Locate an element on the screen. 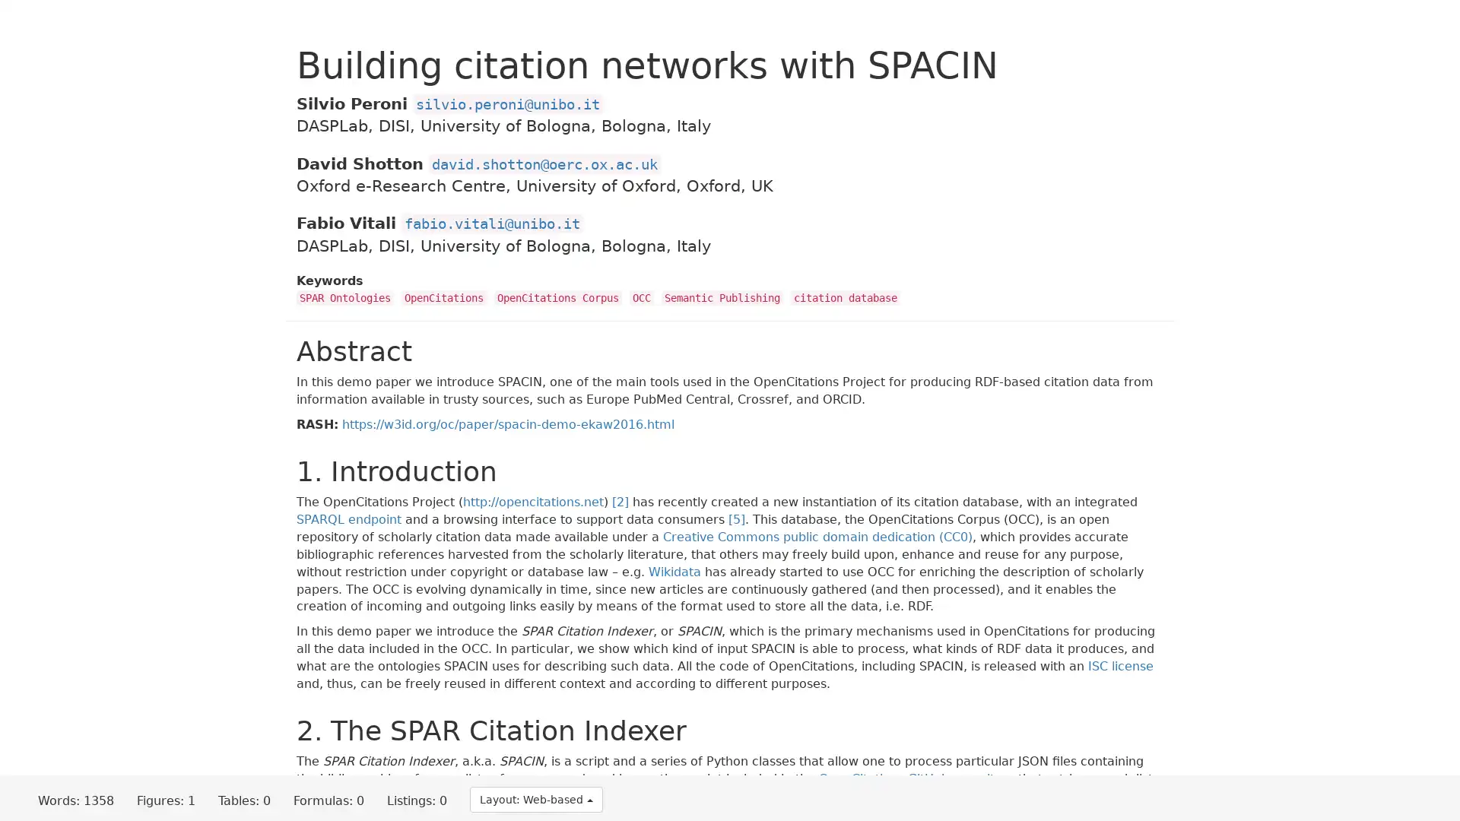  Layout: Web-based is located at coordinates (536, 799).